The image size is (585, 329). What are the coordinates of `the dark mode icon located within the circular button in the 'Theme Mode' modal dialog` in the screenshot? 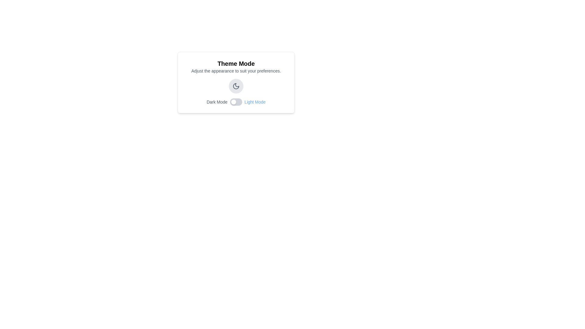 It's located at (236, 86).